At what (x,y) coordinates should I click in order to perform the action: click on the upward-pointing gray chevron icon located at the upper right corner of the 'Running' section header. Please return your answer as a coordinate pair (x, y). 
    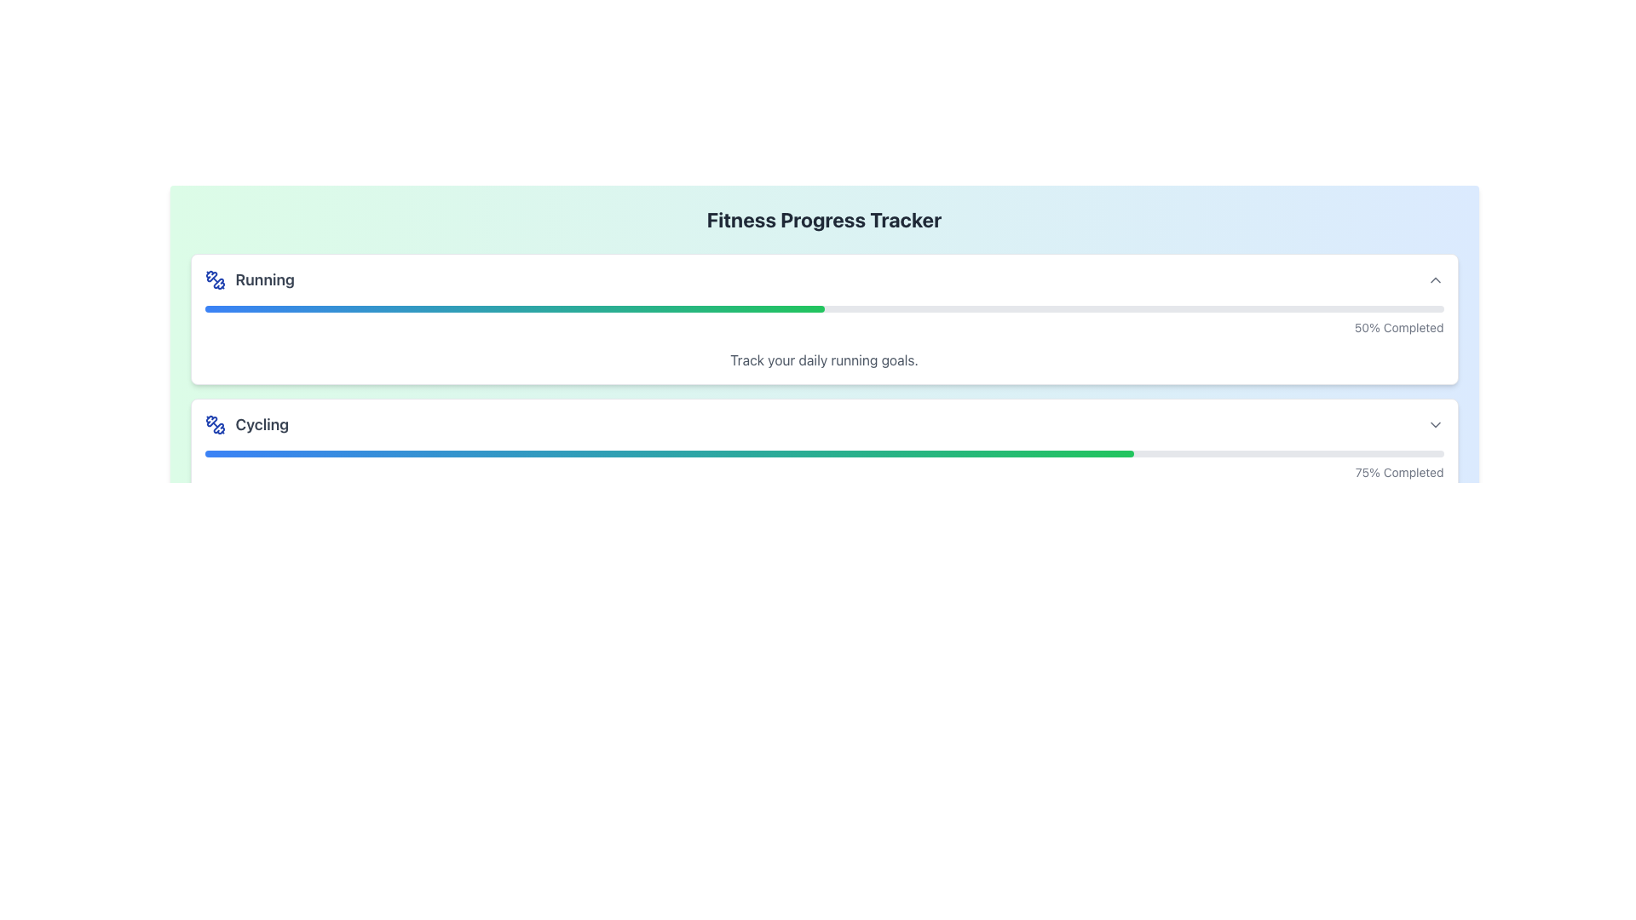
    Looking at the image, I should click on (1434, 279).